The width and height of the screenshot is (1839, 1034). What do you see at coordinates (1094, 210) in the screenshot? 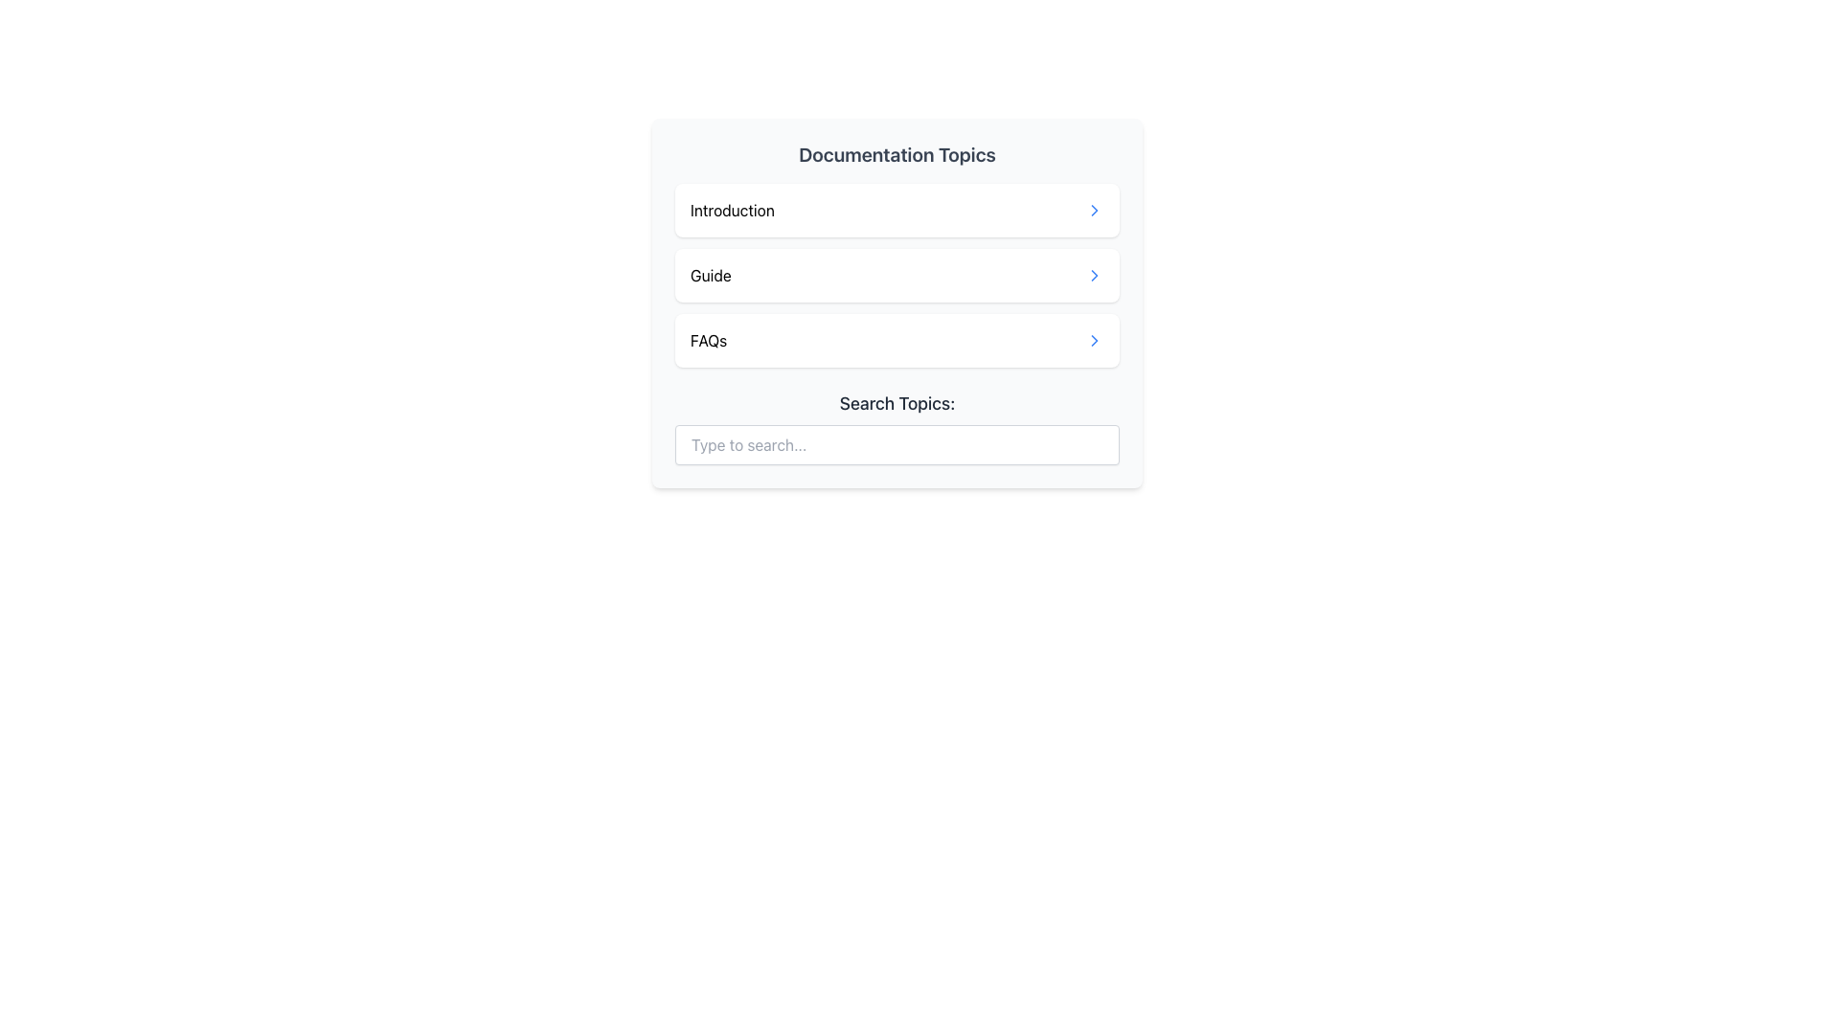
I see `the right-facing chevron icon with a blue outline located at the right end of the 'Introduction' item in the 'Documentation Topics' list` at bounding box center [1094, 210].